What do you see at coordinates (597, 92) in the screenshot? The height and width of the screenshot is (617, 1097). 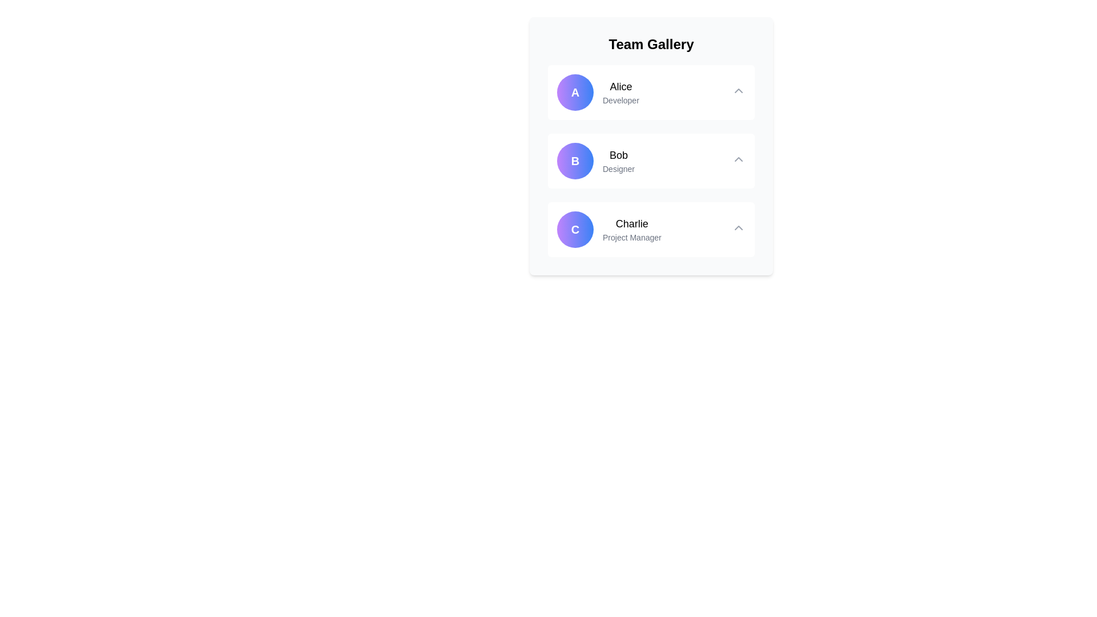 I see `the first profile card in the Team Gallery section that displays the name 'Alice' and role 'Developer'` at bounding box center [597, 92].